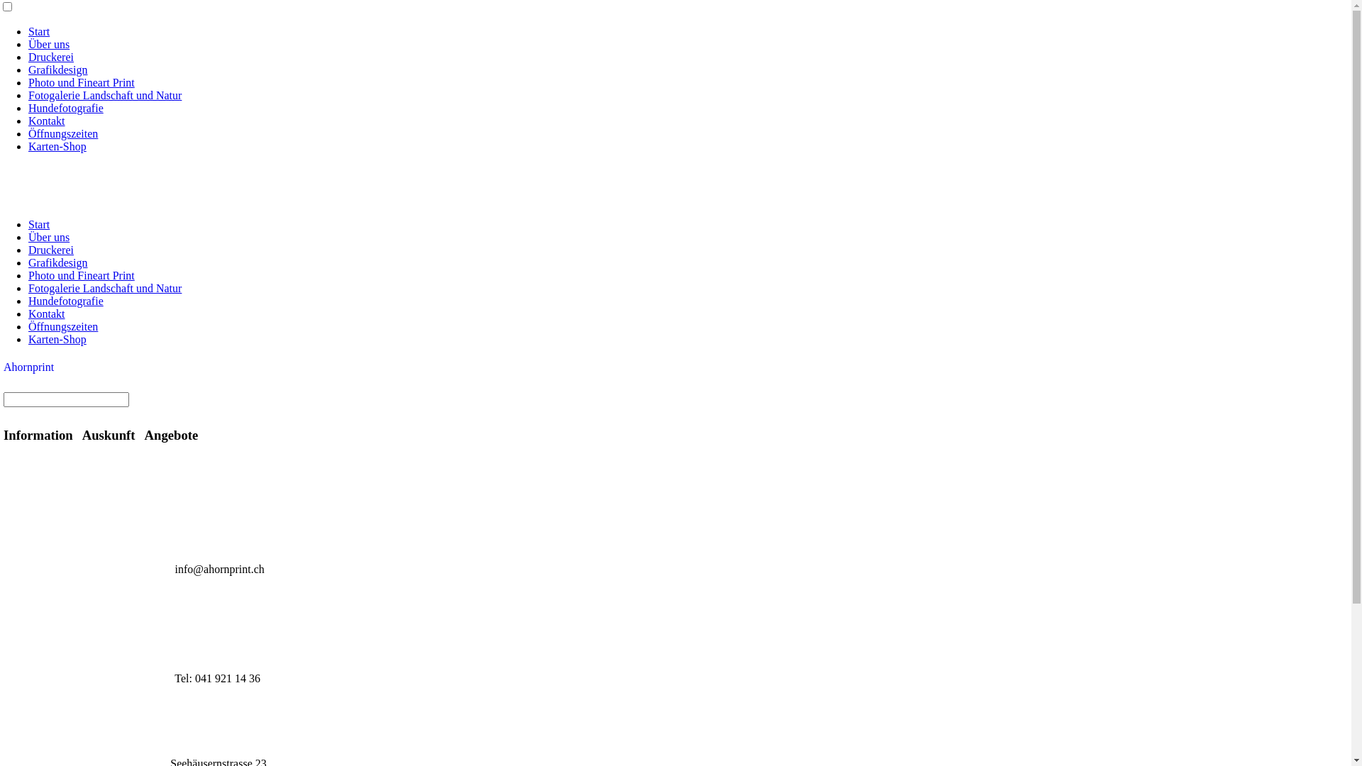 The height and width of the screenshot is (766, 1362). I want to click on 'Fotogalerie Landschaft und Natur', so click(28, 287).